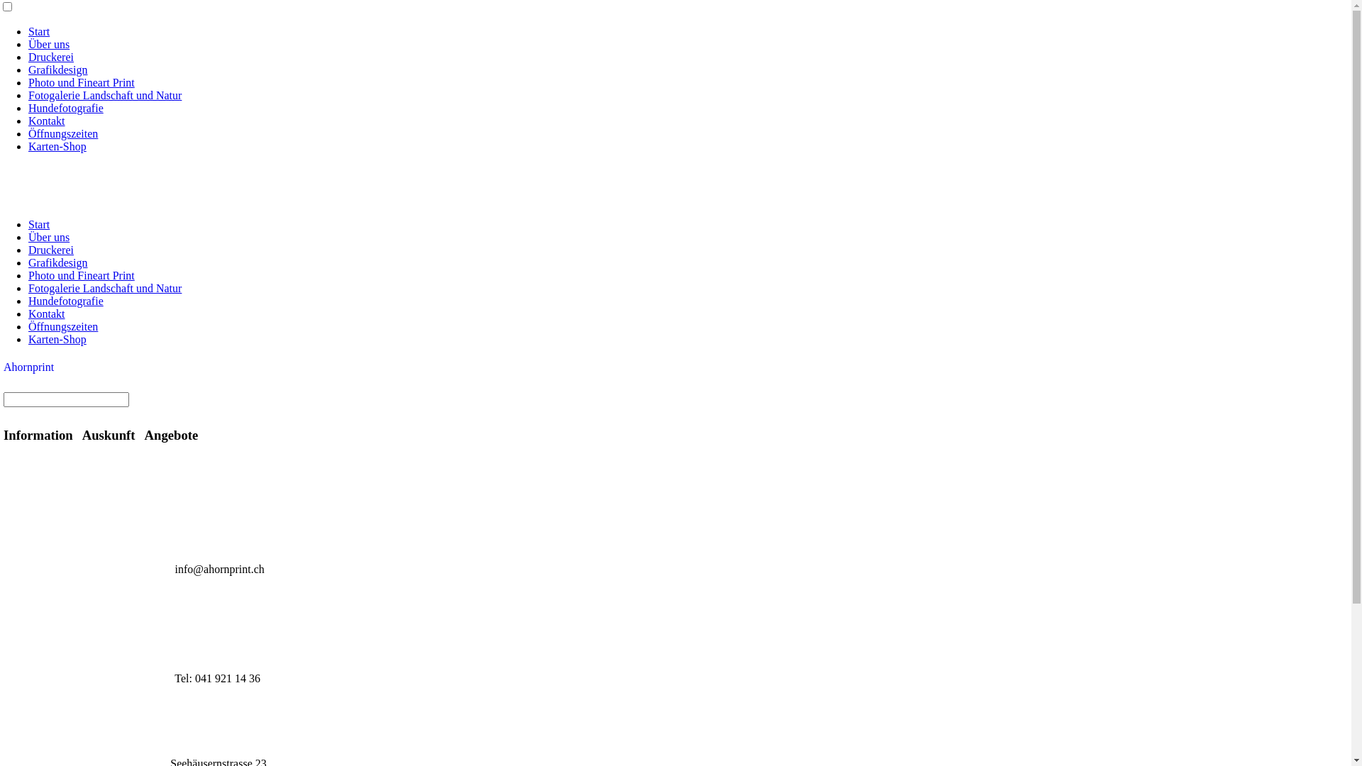 The height and width of the screenshot is (766, 1362). I want to click on 'Fotogalerie Landschaft und Natur', so click(28, 287).